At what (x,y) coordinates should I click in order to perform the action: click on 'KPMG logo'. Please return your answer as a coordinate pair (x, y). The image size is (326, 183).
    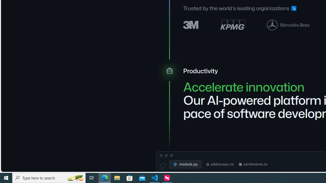
    Looking at the image, I should click on (232, 25).